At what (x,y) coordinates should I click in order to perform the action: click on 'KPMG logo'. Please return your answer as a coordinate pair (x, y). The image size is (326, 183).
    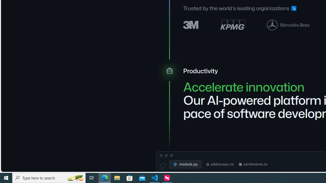
    Looking at the image, I should click on (232, 25).